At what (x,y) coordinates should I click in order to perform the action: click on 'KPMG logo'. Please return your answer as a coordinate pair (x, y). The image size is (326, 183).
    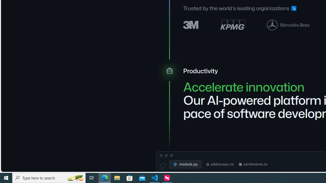
    Looking at the image, I should click on (232, 25).